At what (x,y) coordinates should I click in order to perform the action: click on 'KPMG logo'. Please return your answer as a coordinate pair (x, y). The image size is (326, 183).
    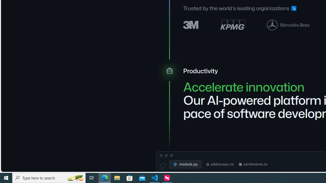
    Looking at the image, I should click on (232, 25).